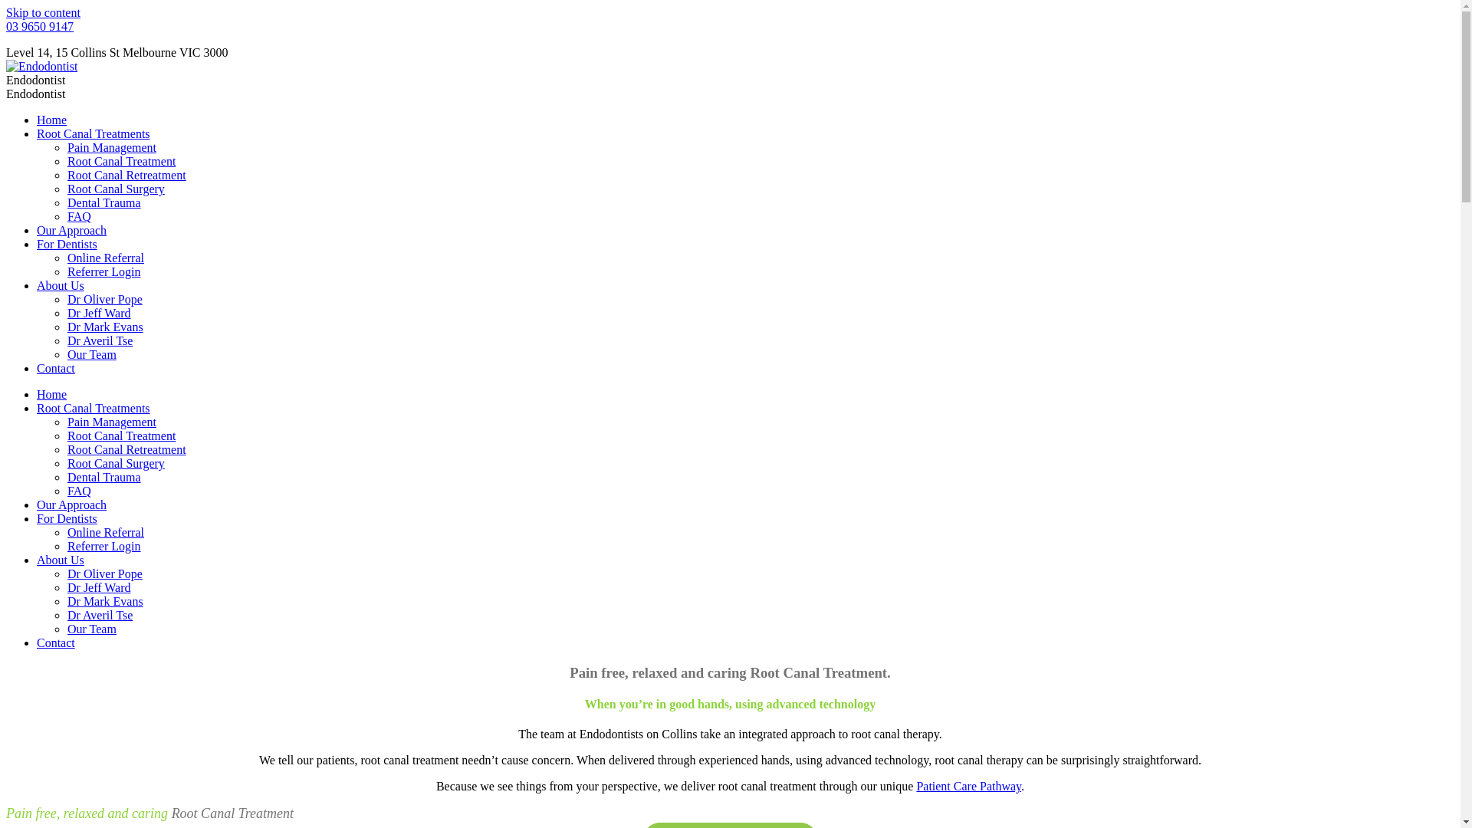  Describe the element at coordinates (115, 188) in the screenshot. I see `'Root Canal Surgery'` at that location.